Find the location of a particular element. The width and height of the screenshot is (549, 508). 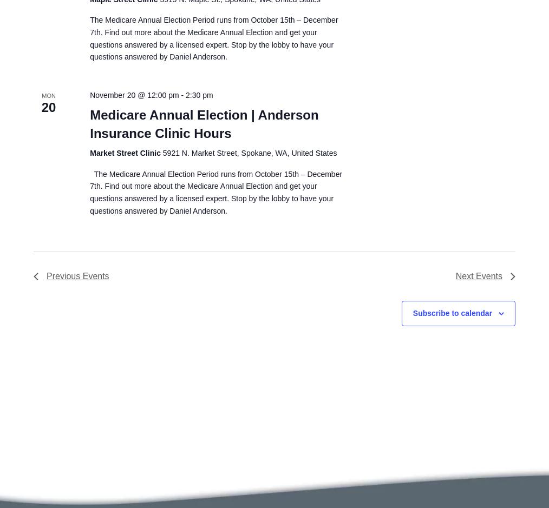

'5921 N. Market Street, Spokane, WA, United States' is located at coordinates (162, 151).